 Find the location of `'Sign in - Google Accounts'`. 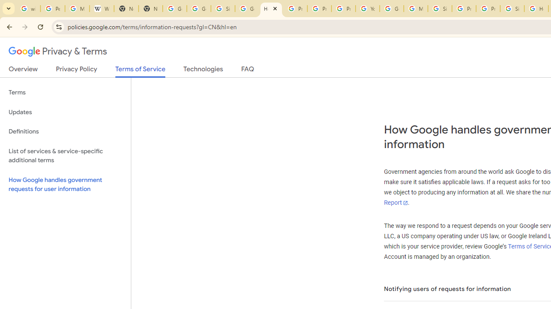

'Sign in - Google Accounts' is located at coordinates (440, 9).